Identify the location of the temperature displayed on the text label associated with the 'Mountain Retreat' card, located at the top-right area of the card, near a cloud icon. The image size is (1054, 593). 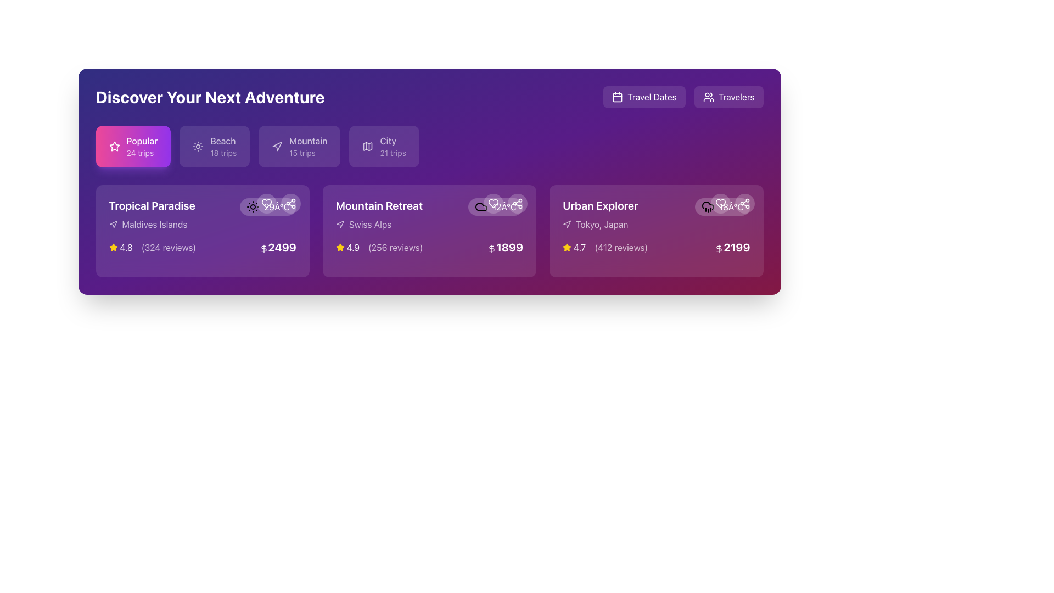
(504, 207).